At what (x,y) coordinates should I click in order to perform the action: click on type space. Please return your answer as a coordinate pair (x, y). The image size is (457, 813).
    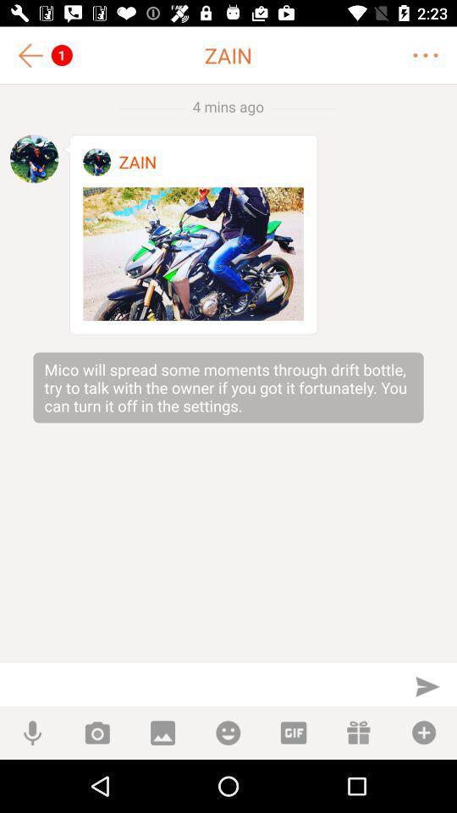
    Looking at the image, I should click on (198, 684).